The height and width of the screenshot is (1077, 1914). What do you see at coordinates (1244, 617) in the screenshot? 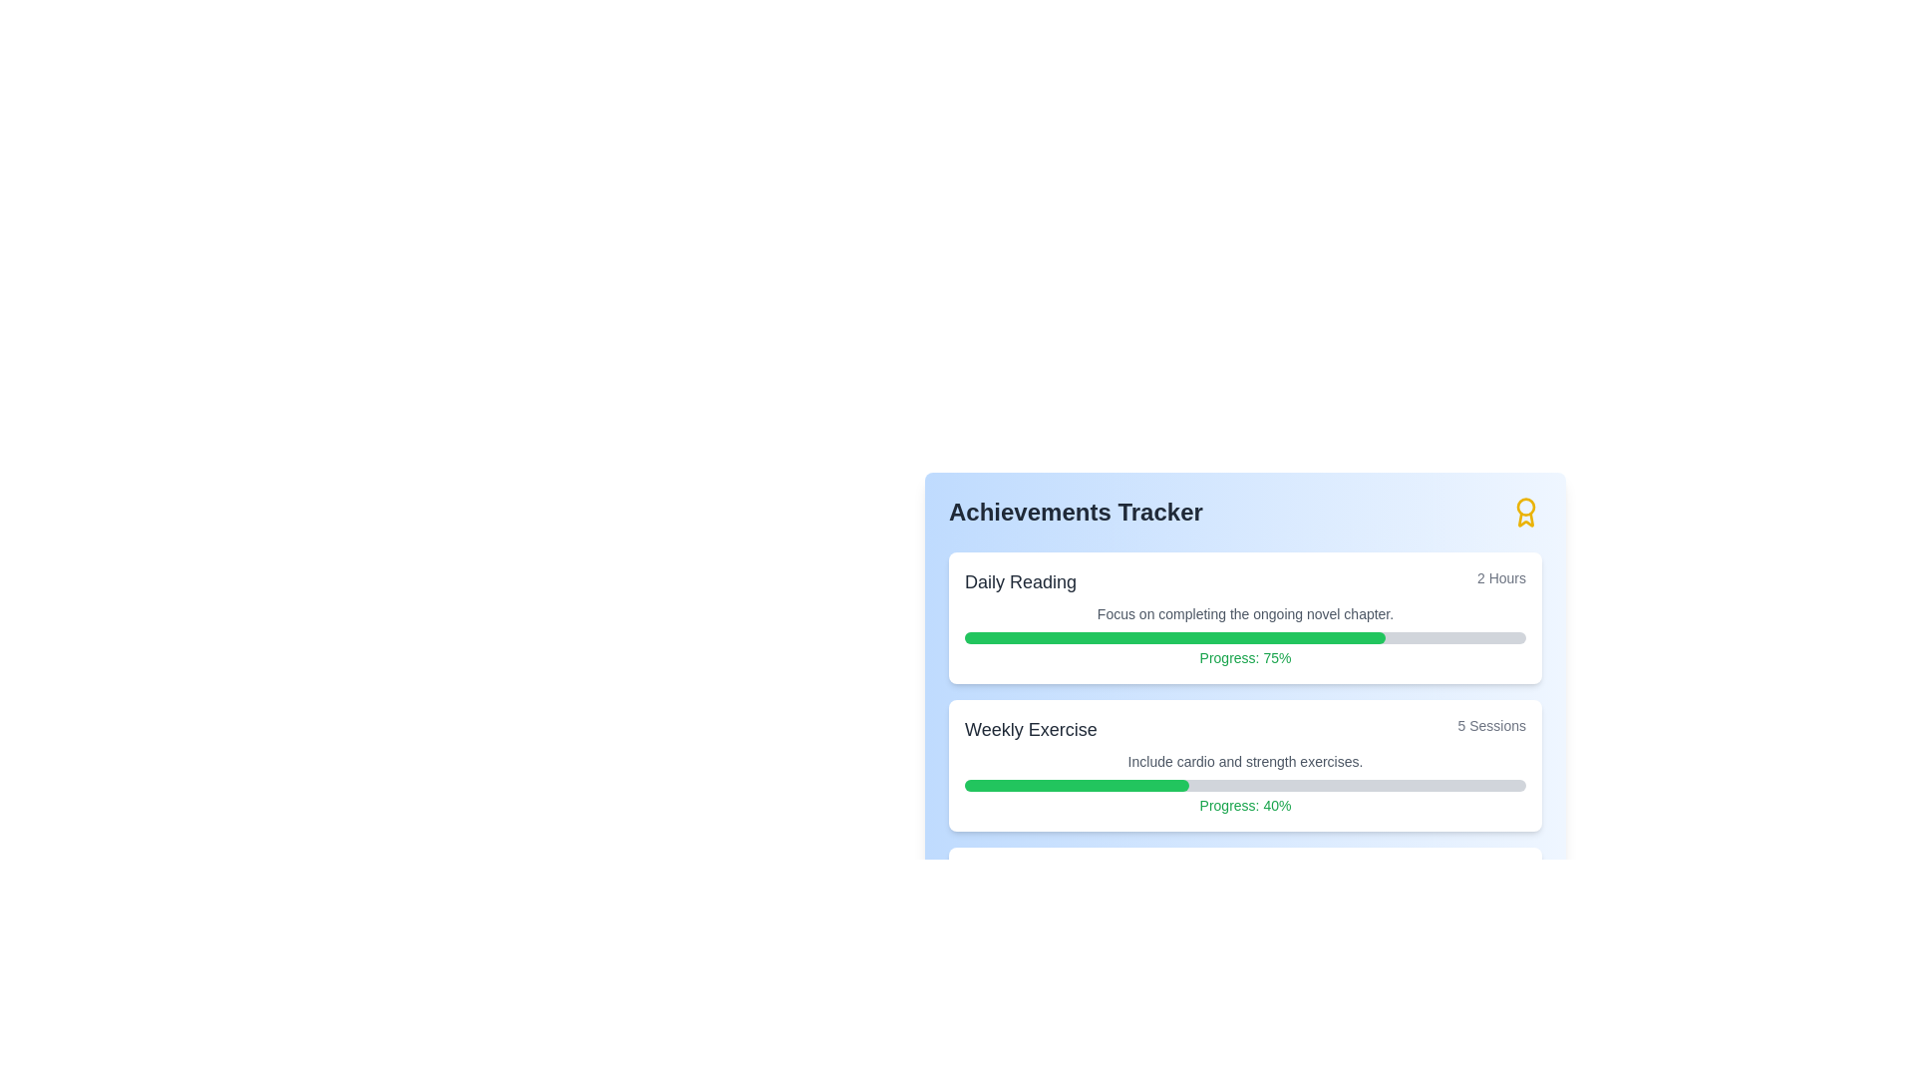
I see `the progress bar of the 'Daily Reading' informational card located in the 'Achievements Tracker' section, which is the first card in a vertical list` at bounding box center [1244, 617].